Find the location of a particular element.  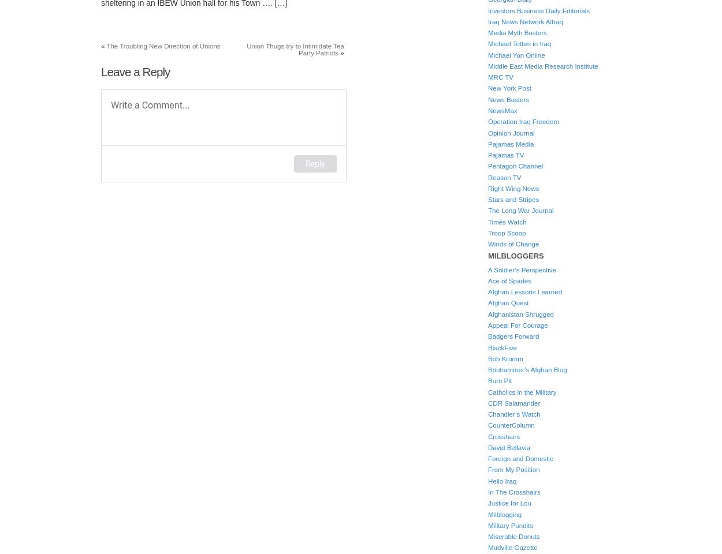

'BlackFive' is located at coordinates (501, 347).